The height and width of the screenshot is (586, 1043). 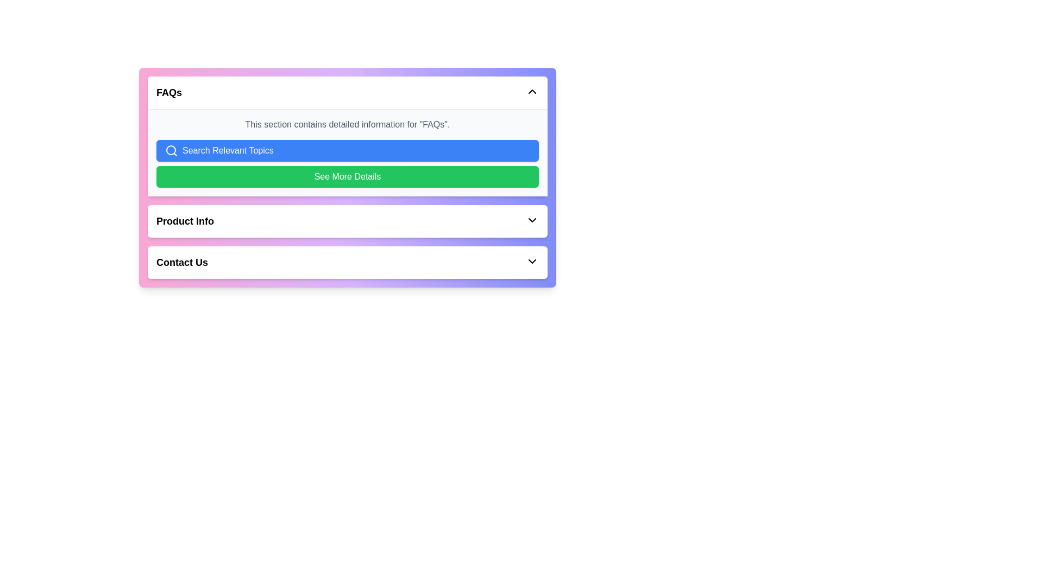 I want to click on the chevron icon located at the right end of the 'Product Info' section, so click(x=532, y=220).